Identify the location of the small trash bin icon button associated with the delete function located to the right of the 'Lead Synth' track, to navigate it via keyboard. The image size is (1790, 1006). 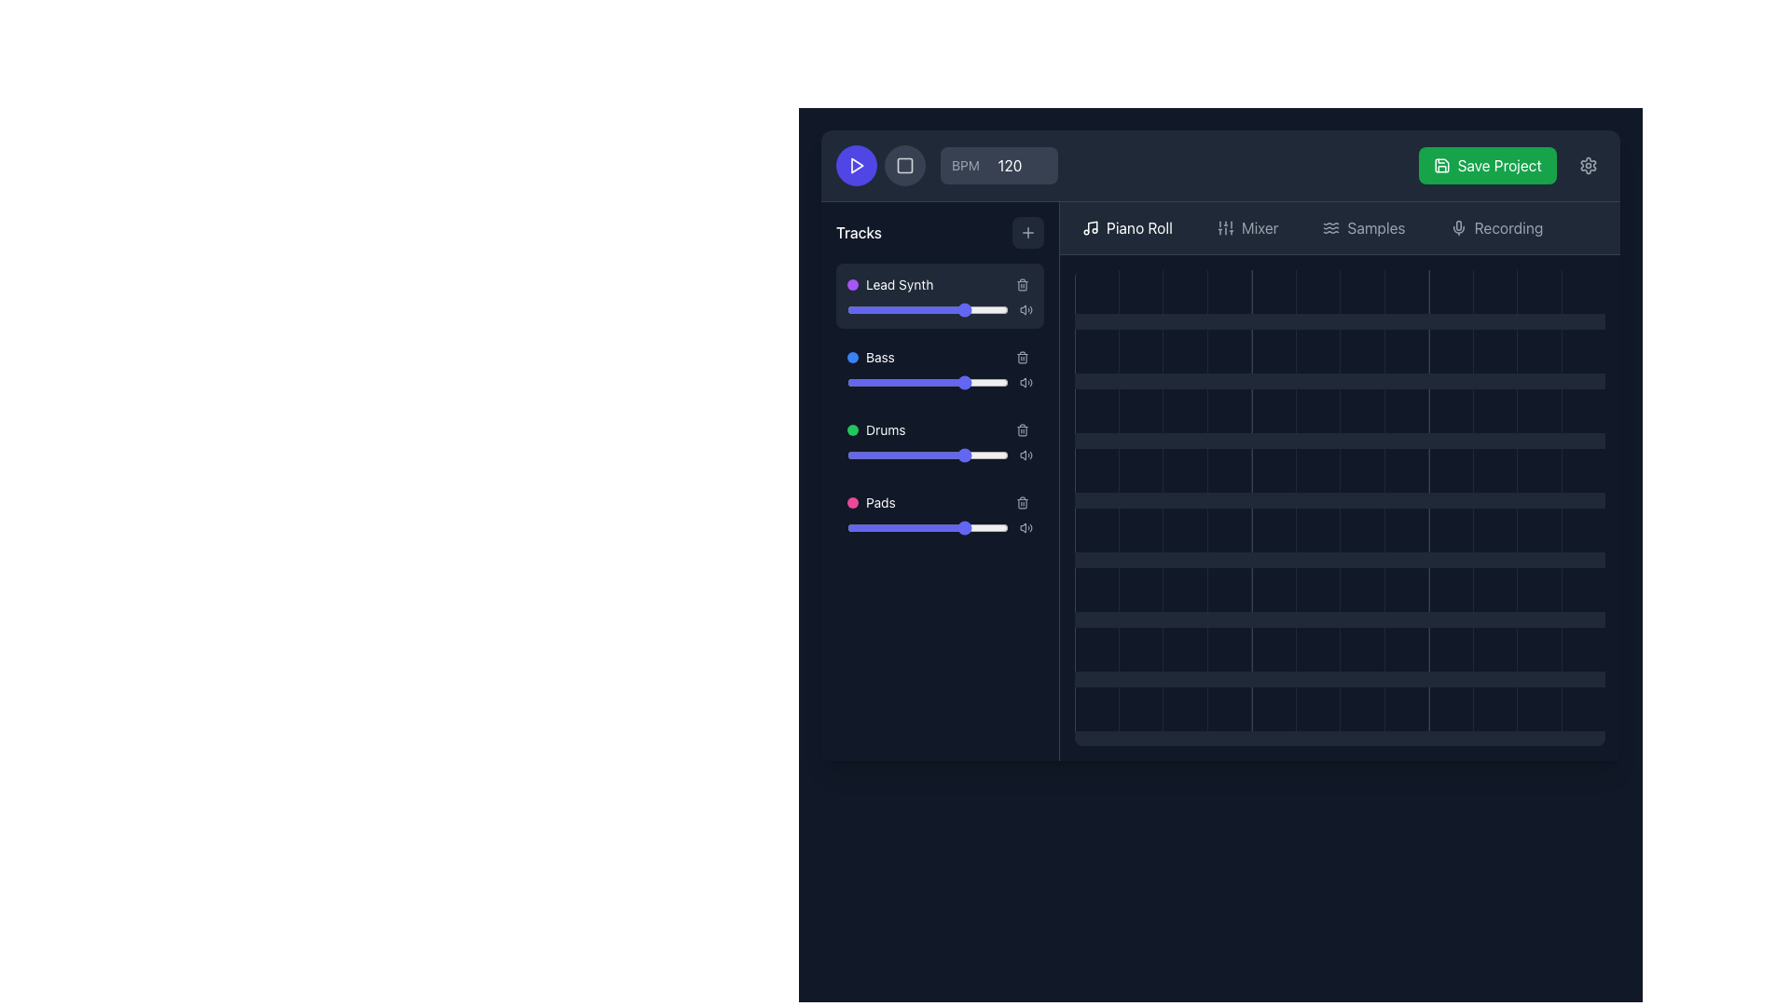
(1022, 284).